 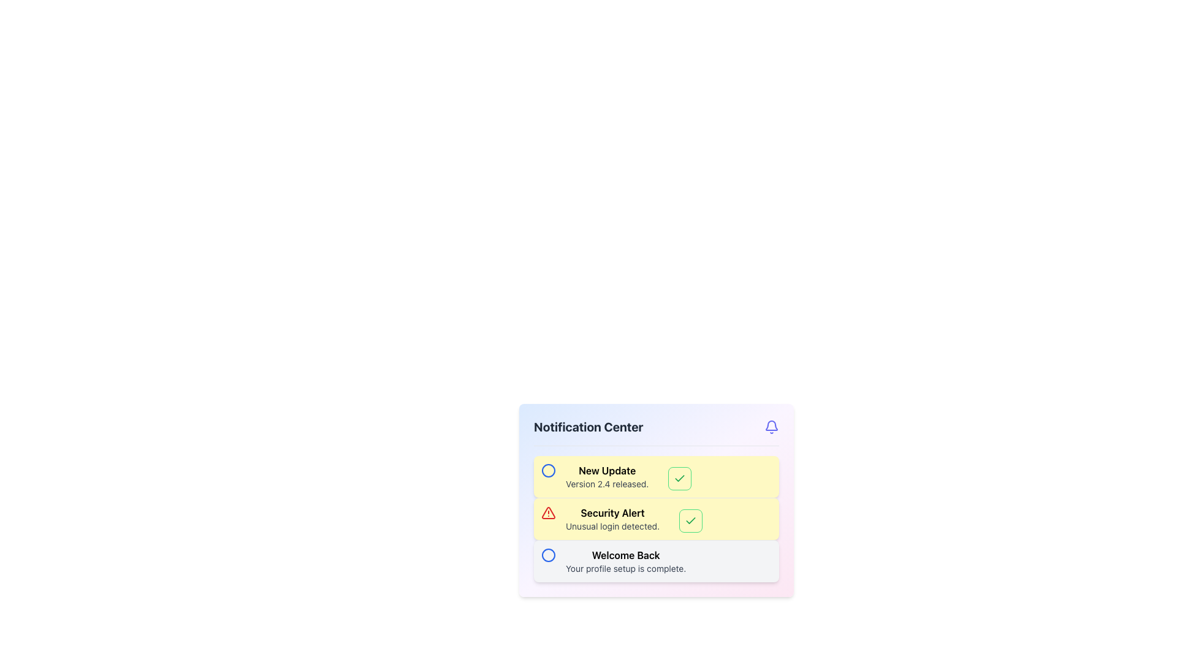 What do you see at coordinates (626, 555) in the screenshot?
I see `the content of the Text Label displaying 'Welcome Back', which is a bold header positioned at the bottom of a notification card, above the smaller text 'Your profile setup is complete'` at bounding box center [626, 555].